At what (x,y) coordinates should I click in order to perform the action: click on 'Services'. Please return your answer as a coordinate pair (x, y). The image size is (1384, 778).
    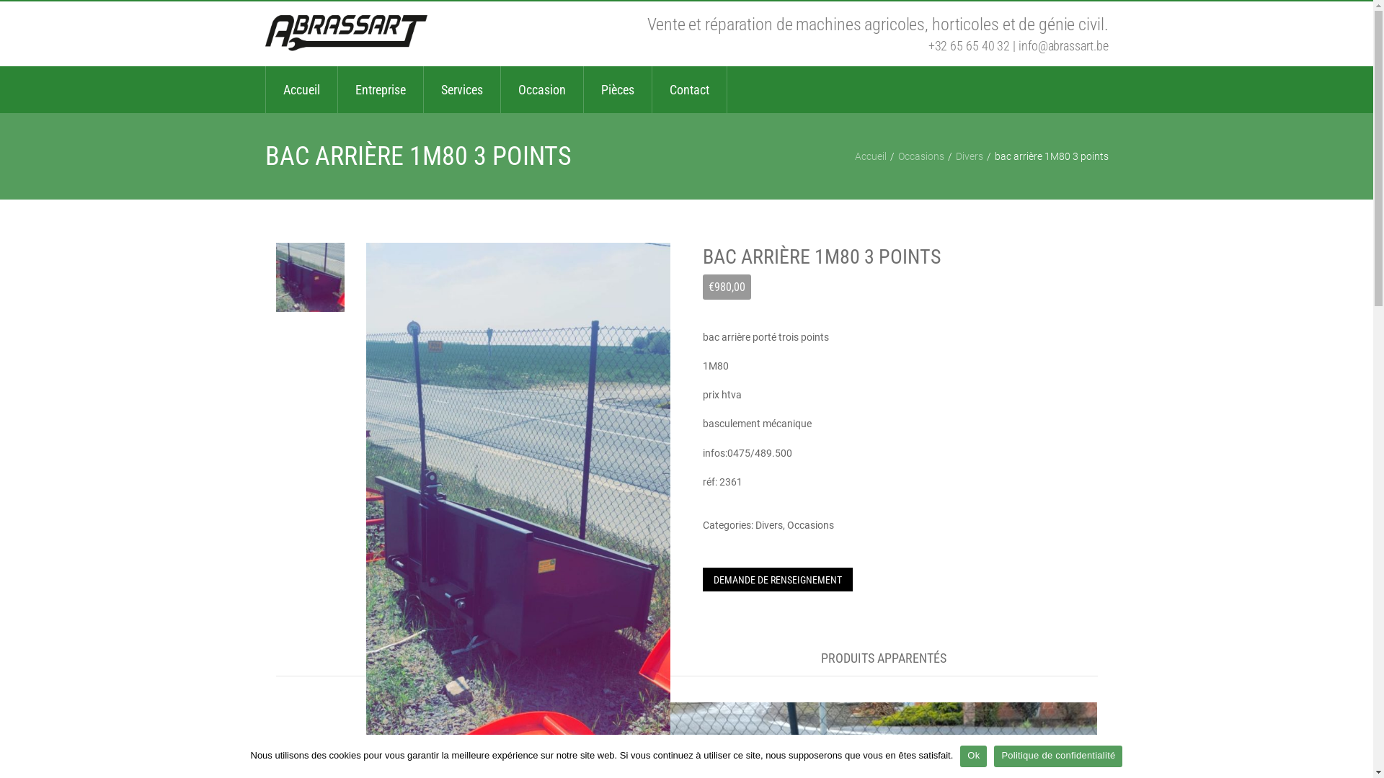
    Looking at the image, I should click on (423, 89).